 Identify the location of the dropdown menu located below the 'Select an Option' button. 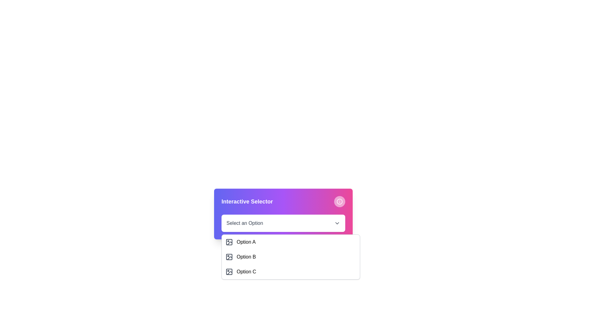
(291, 257).